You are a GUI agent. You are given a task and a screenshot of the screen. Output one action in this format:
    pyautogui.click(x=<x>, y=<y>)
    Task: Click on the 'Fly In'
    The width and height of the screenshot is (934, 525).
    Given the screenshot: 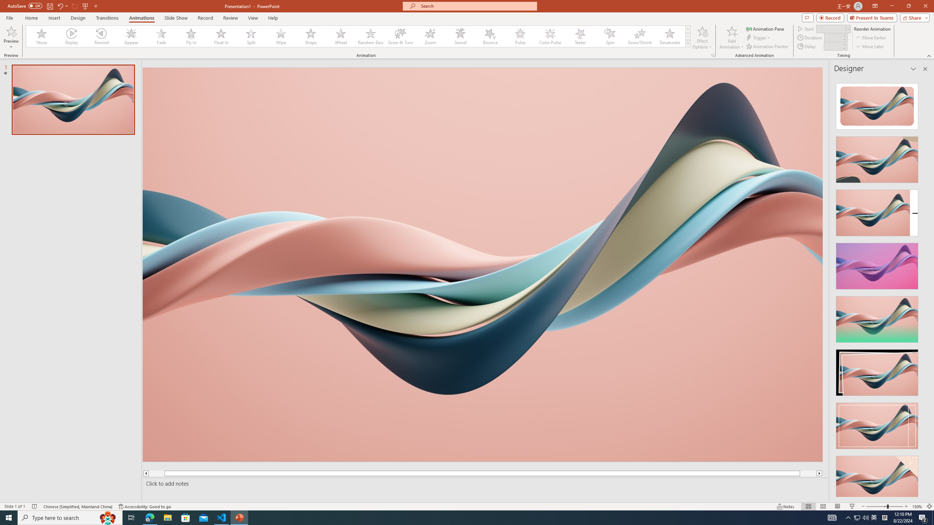 What is the action you would take?
    pyautogui.click(x=191, y=36)
    